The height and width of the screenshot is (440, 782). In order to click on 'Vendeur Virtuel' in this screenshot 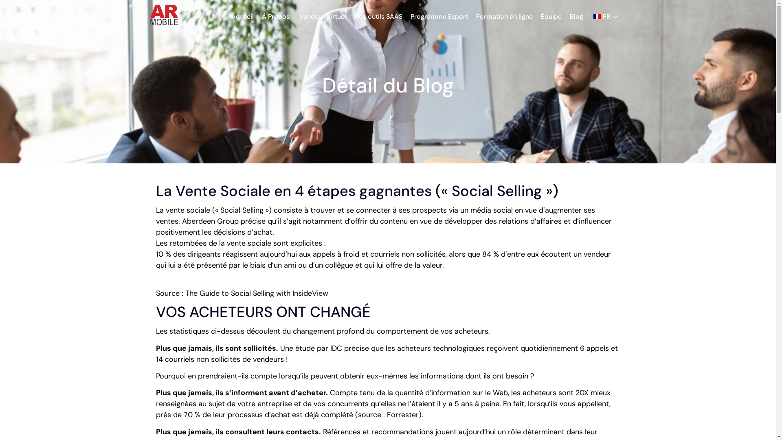, I will do `click(322, 17)`.